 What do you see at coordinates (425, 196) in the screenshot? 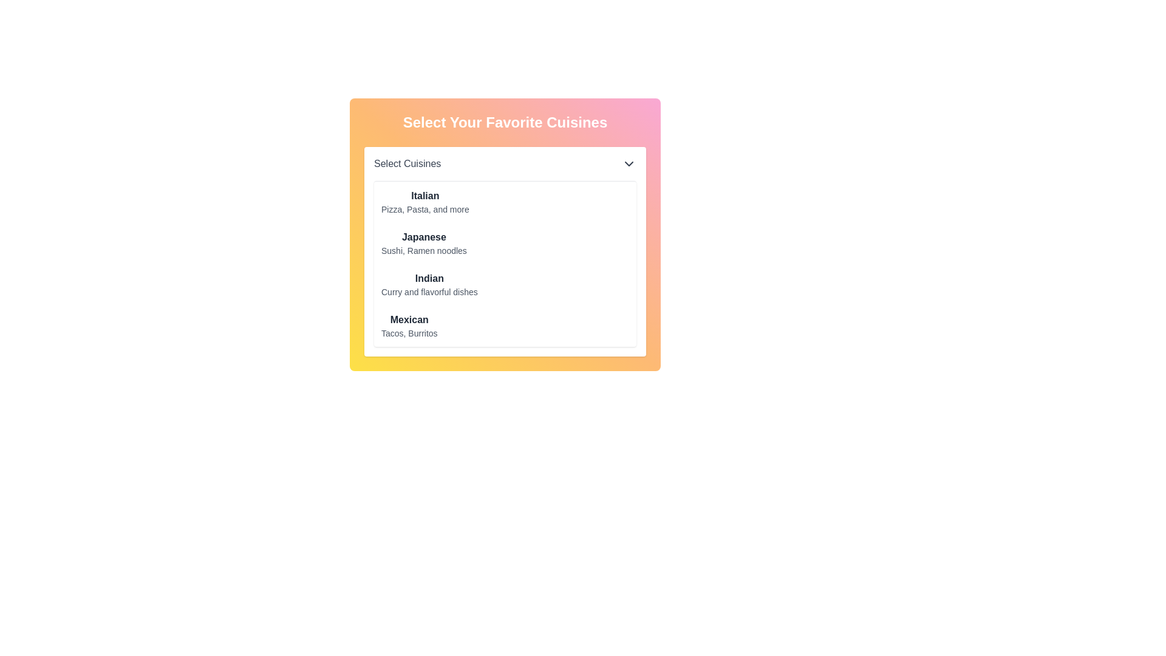
I see `text of the 'Italian' cuisine label located in the dropdown menu under the 'Select Cuisines' section, which is the first item in the list and displayed in bold` at bounding box center [425, 196].